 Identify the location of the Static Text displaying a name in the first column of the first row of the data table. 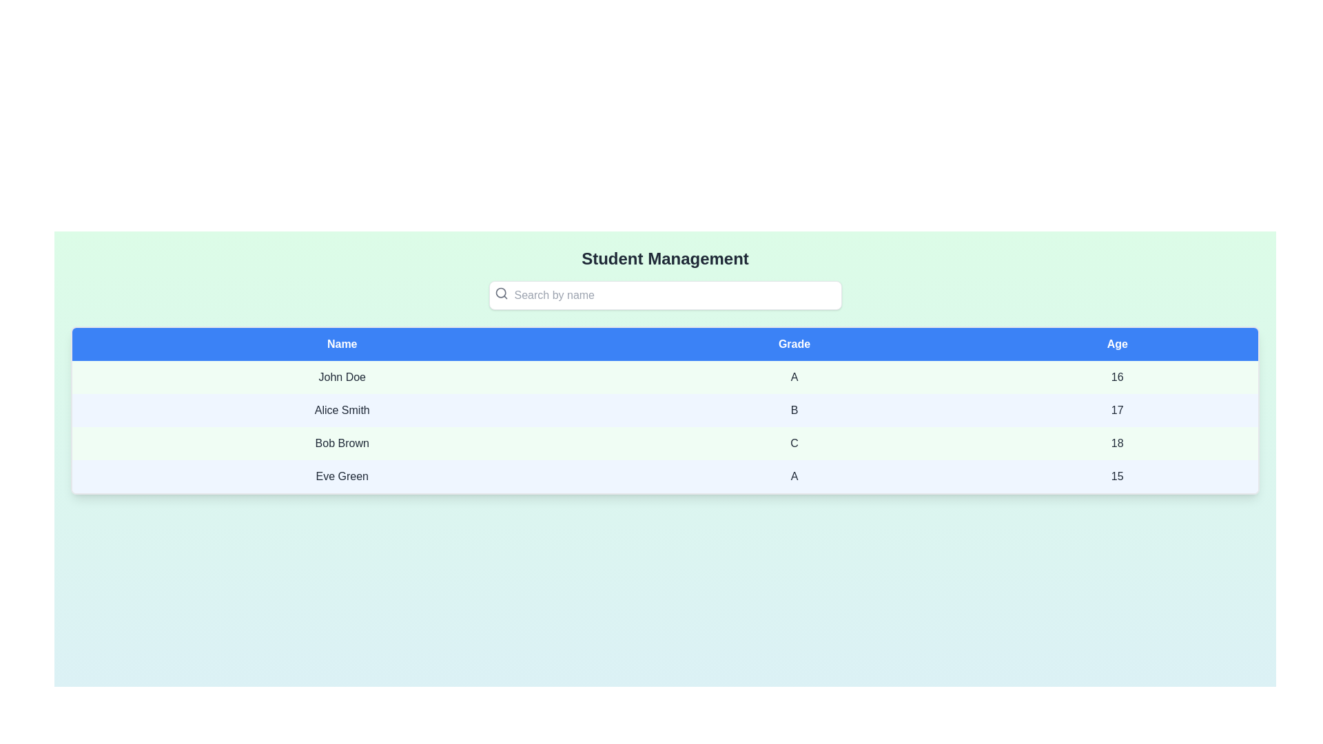
(342, 377).